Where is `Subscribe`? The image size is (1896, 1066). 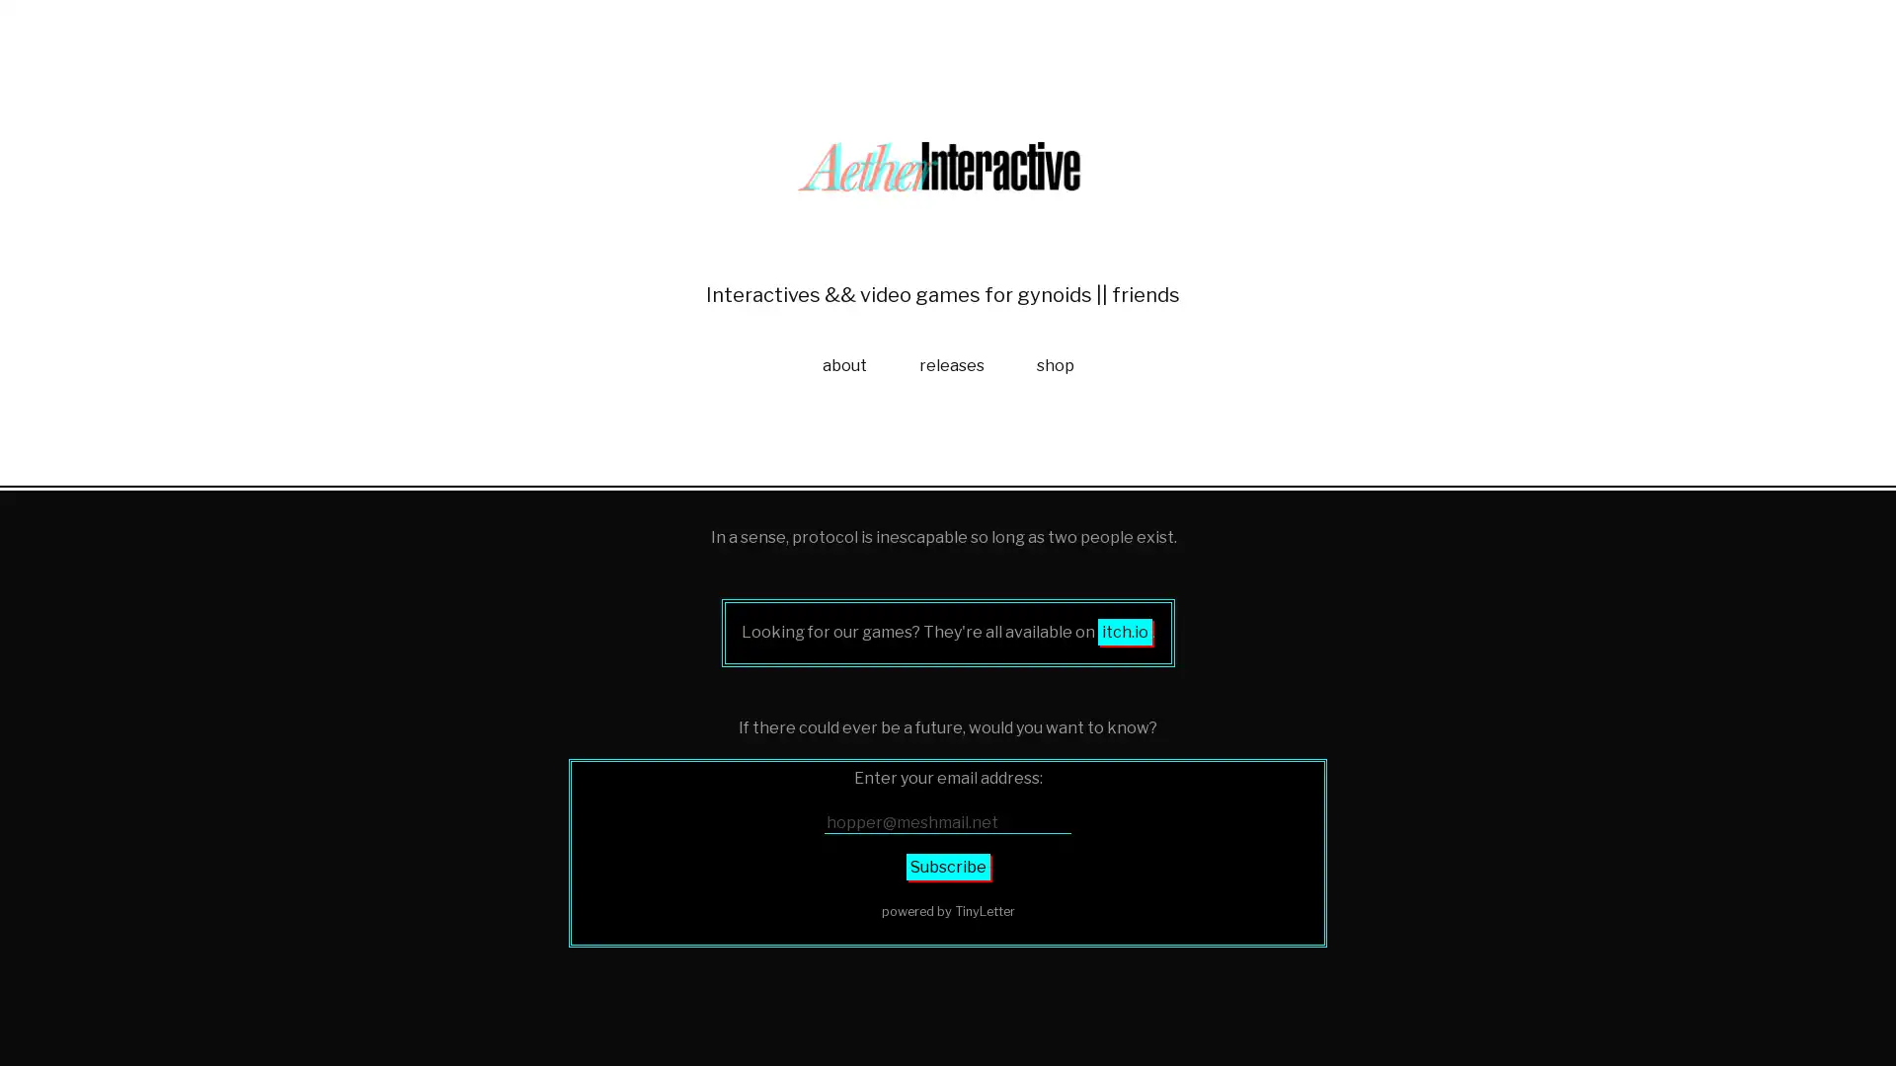 Subscribe is located at coordinates (946, 1008).